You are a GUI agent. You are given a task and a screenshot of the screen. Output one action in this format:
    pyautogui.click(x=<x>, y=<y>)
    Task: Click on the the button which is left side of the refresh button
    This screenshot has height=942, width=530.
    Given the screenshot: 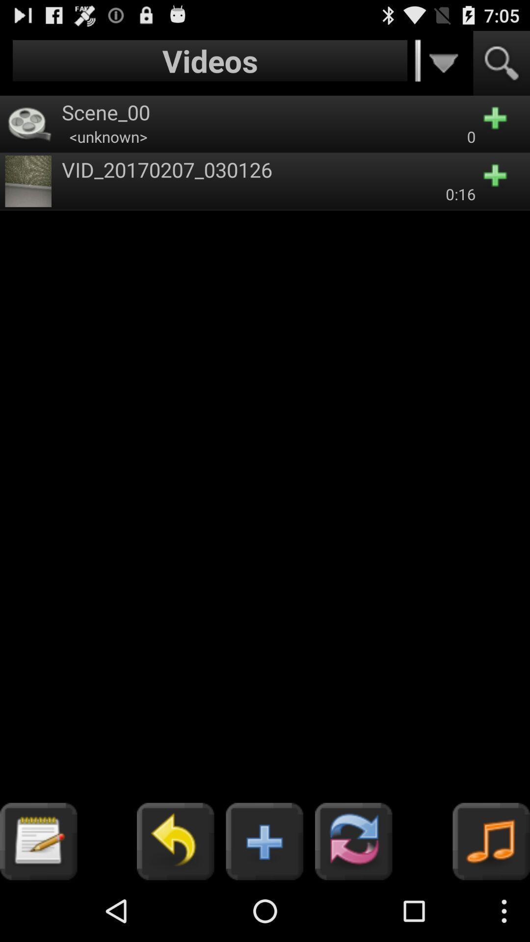 What is the action you would take?
    pyautogui.click(x=264, y=841)
    